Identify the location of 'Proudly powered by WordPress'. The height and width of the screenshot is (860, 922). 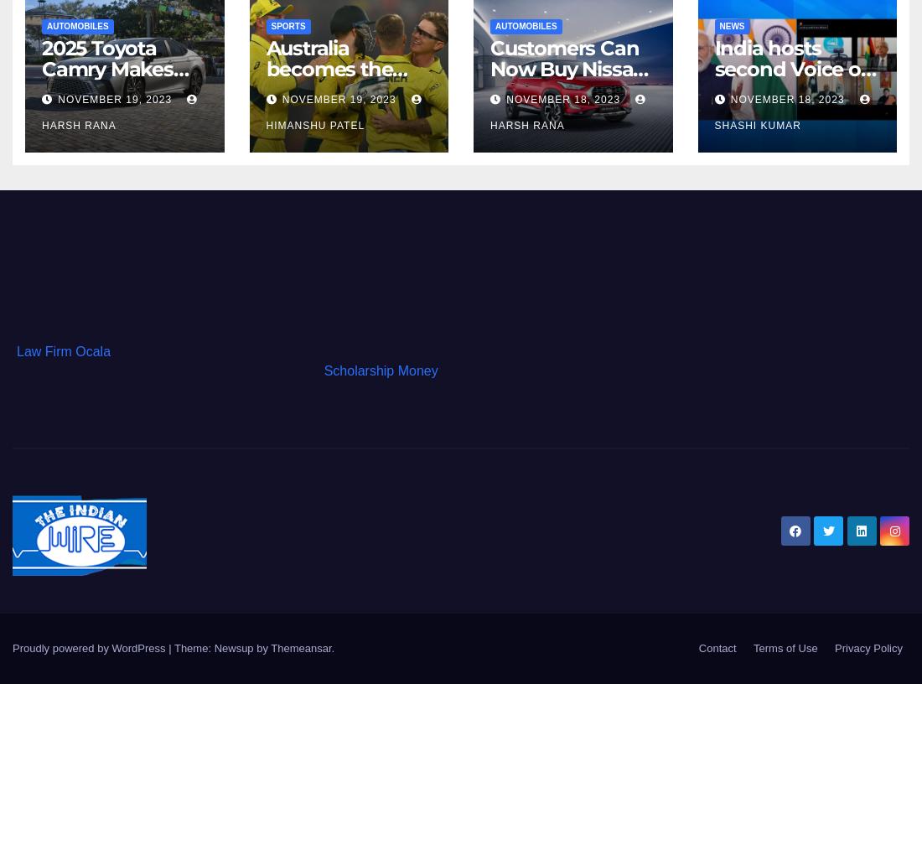
(91, 647).